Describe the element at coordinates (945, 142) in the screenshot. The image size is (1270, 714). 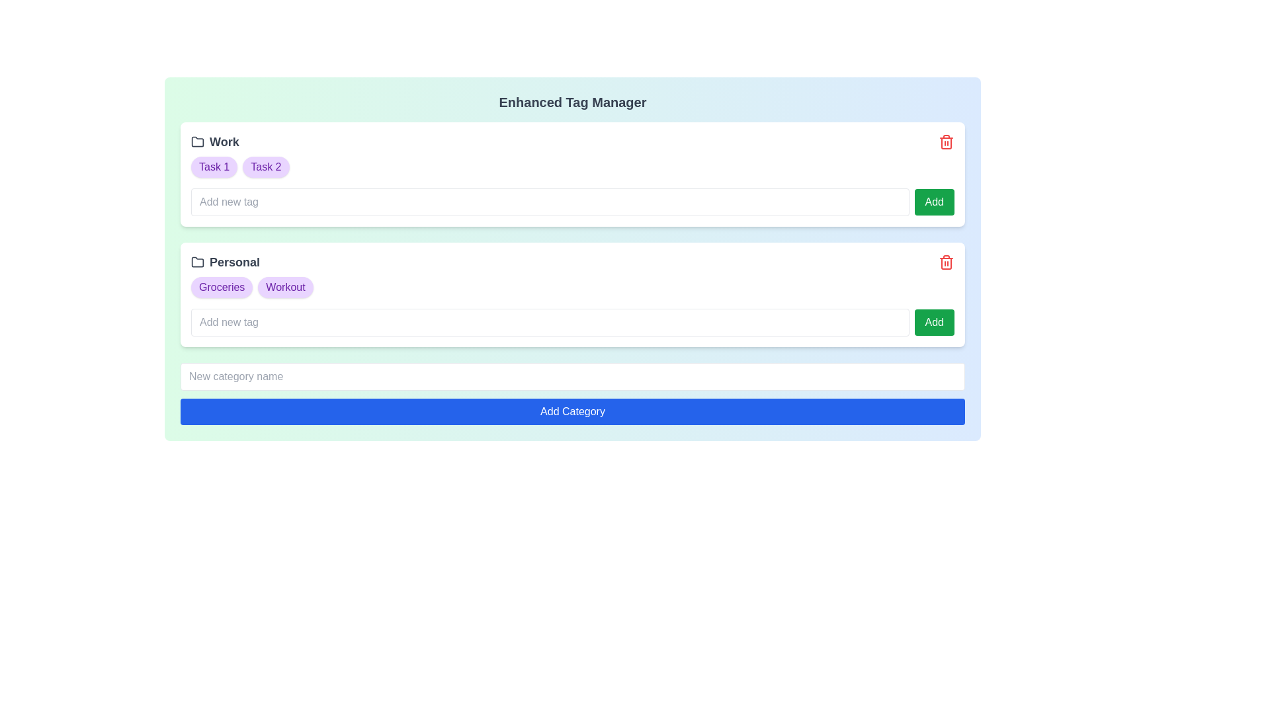
I see `the delete button located to the right of the title 'Work' in the 'Work' group, which is aligned to the top-right corner of this section` at that location.